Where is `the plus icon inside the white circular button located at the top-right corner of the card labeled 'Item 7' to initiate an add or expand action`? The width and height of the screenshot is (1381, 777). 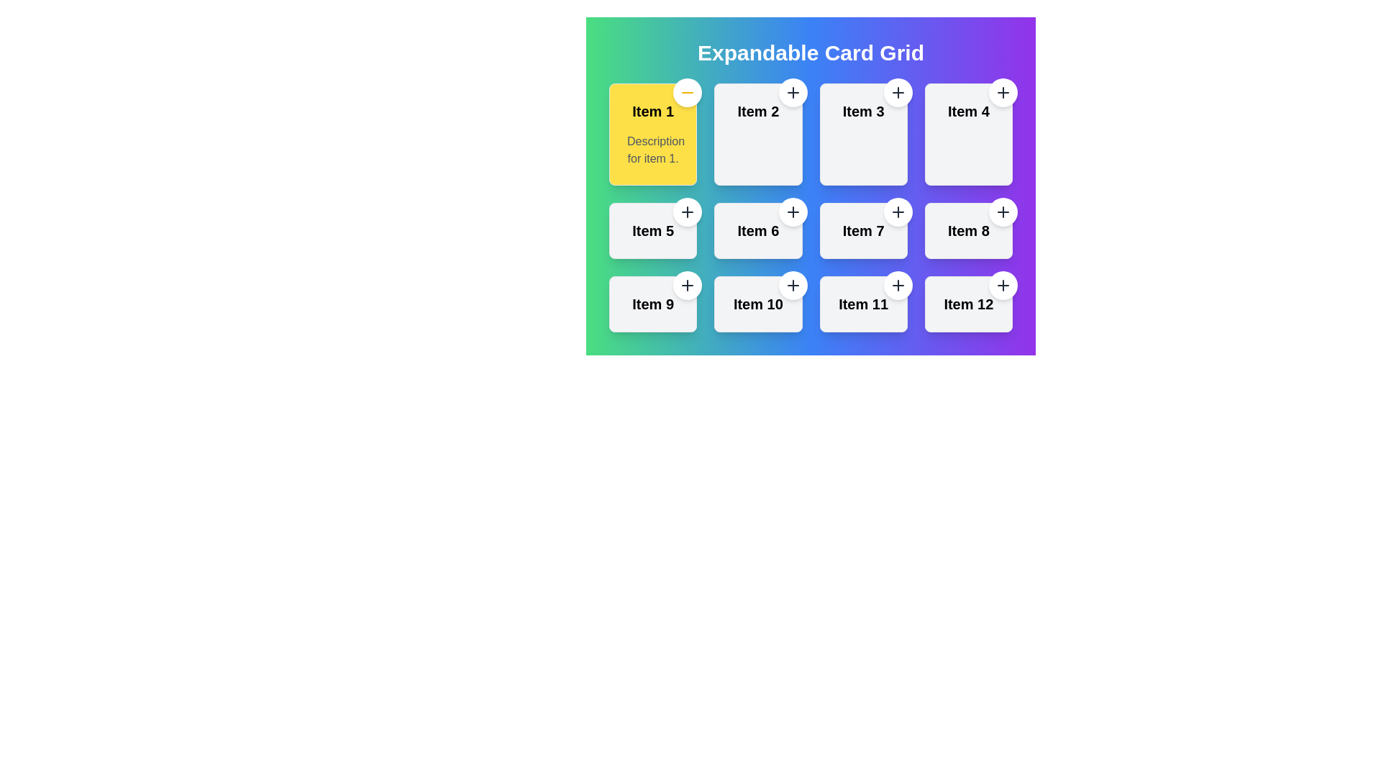
the plus icon inside the white circular button located at the top-right corner of the card labeled 'Item 7' to initiate an add or expand action is located at coordinates (897, 212).